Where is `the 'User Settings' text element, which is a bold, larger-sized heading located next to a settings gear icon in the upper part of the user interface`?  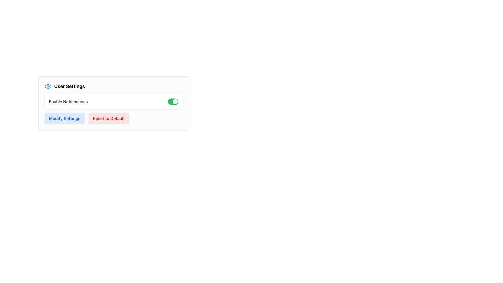
the 'User Settings' text element, which is a bold, larger-sized heading located next to a settings gear icon in the upper part of the user interface is located at coordinates (69, 86).